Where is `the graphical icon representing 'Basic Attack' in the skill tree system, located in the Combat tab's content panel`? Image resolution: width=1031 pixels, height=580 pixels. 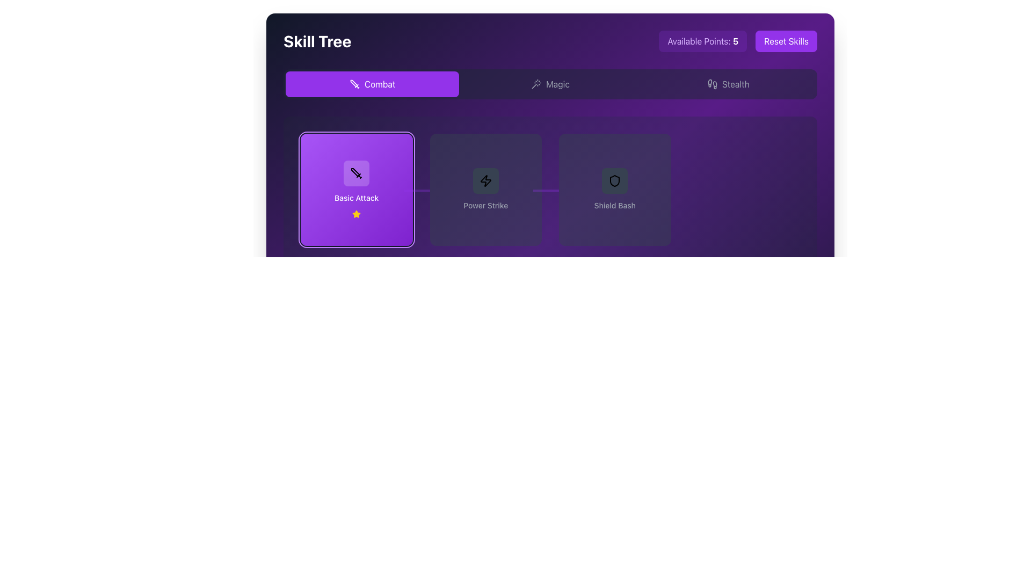 the graphical icon representing 'Basic Attack' in the skill tree system, located in the Combat tab's content panel is located at coordinates (355, 172).